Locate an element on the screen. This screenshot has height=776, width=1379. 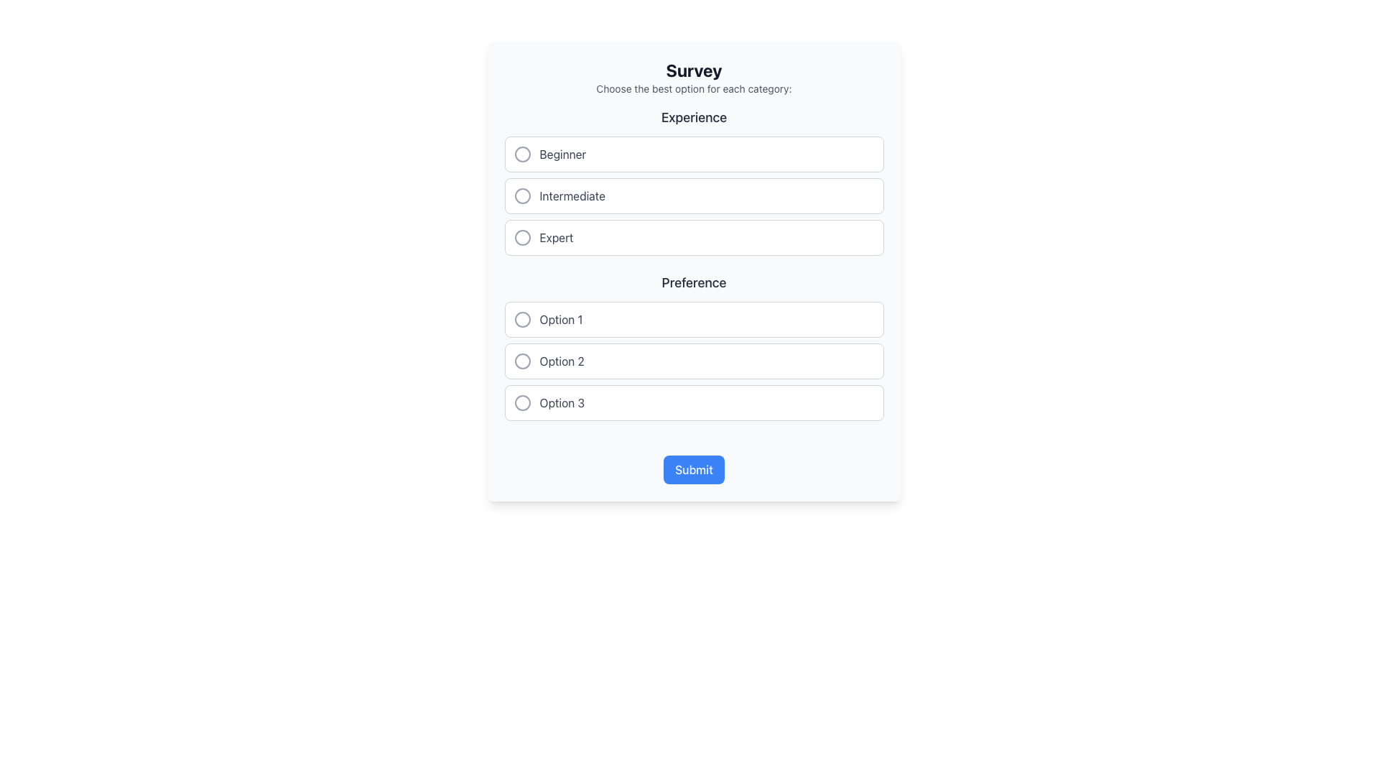
the Text Label that identifies the selectable option in the preference selection group, located below 'Option 2' in the center bottom portion of the interface is located at coordinates (561, 402).